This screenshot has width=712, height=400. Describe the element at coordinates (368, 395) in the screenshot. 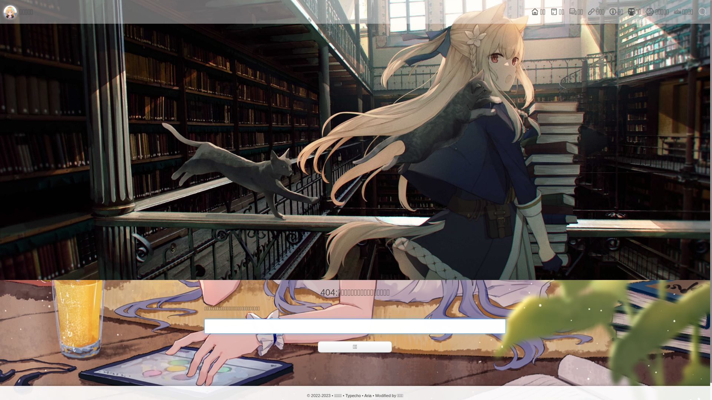

I see `'Aria'` at that location.